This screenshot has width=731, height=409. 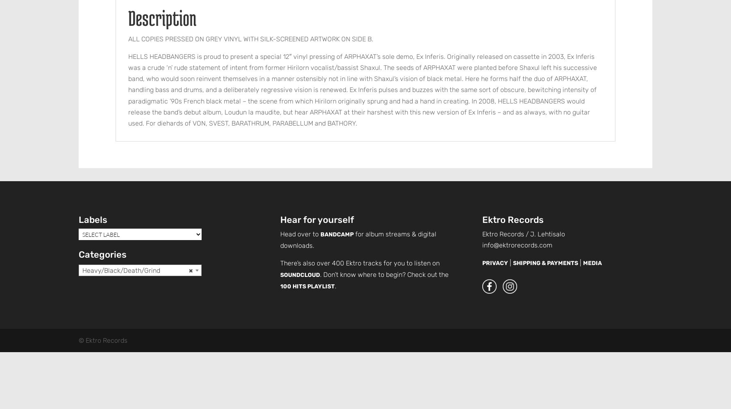 I want to click on 'Labels', so click(x=93, y=220).